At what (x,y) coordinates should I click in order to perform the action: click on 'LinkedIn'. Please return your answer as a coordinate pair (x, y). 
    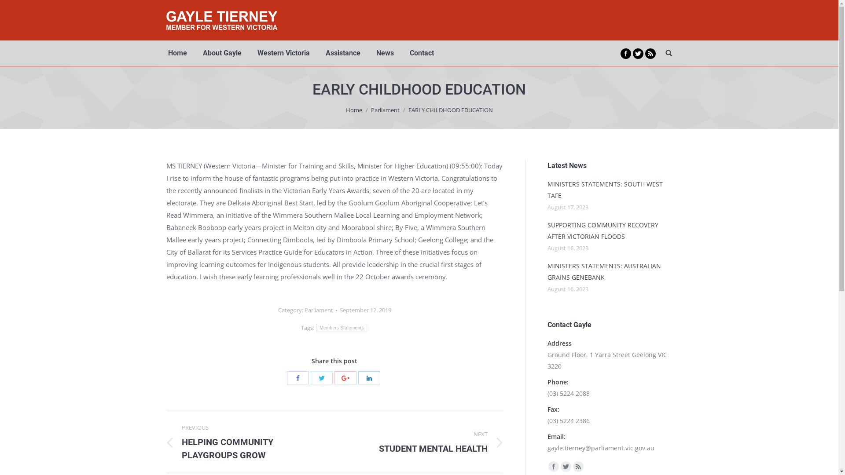
    Looking at the image, I should click on (369, 377).